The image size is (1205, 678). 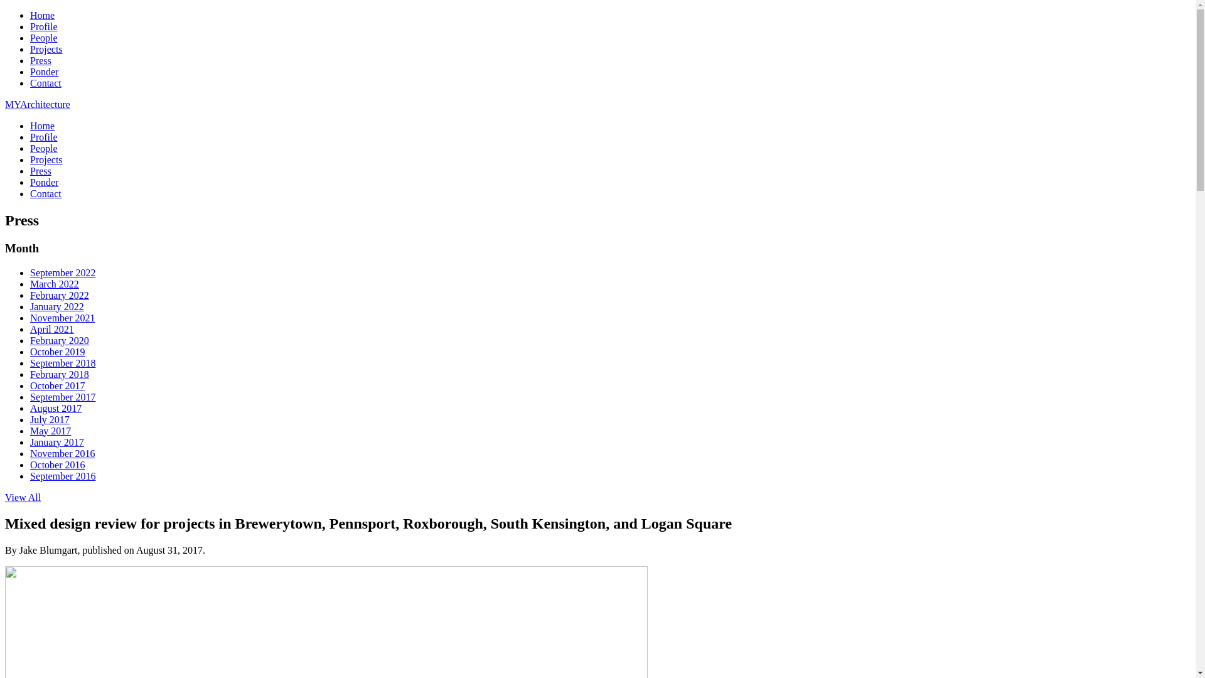 I want to click on 'September 2016', so click(x=62, y=476).